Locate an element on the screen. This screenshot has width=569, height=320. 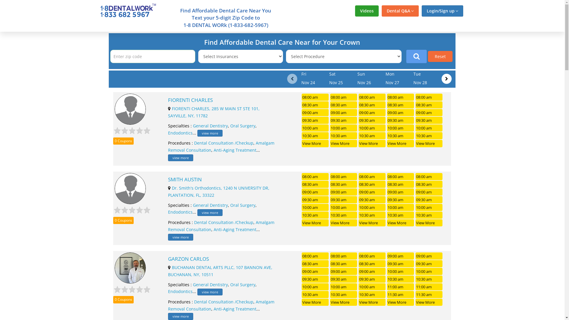
'08:30 am' is located at coordinates (343, 263).